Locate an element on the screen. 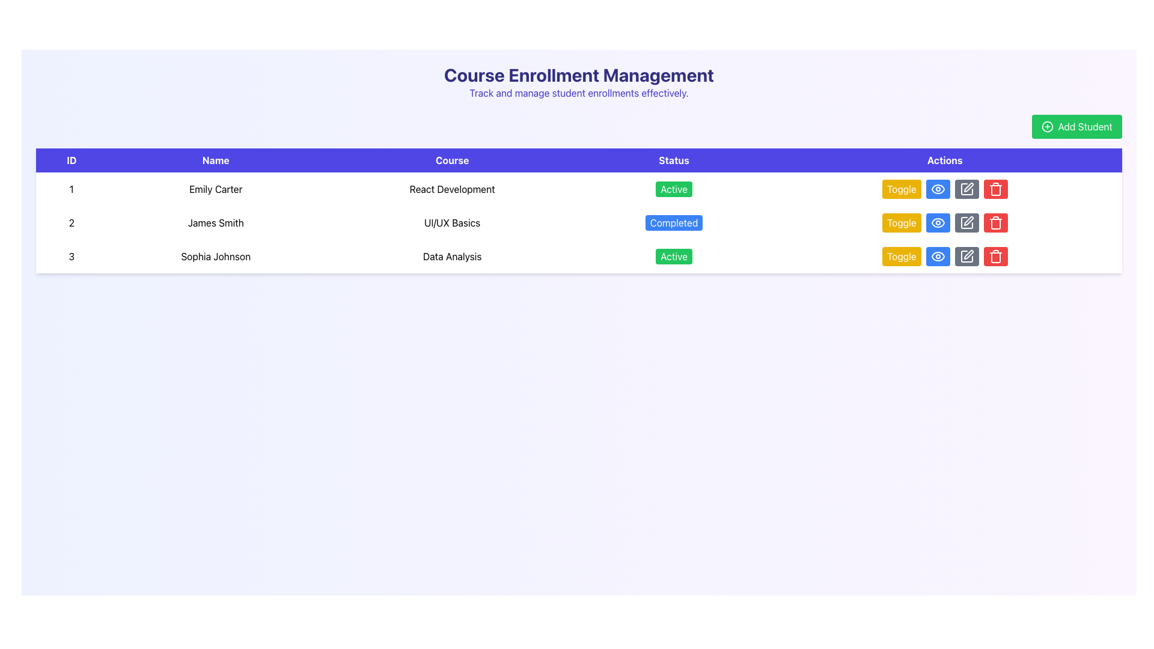  the edit button for 'Sophia Johnson' in the Actions column, which features a pen and square icon is located at coordinates (966, 256).